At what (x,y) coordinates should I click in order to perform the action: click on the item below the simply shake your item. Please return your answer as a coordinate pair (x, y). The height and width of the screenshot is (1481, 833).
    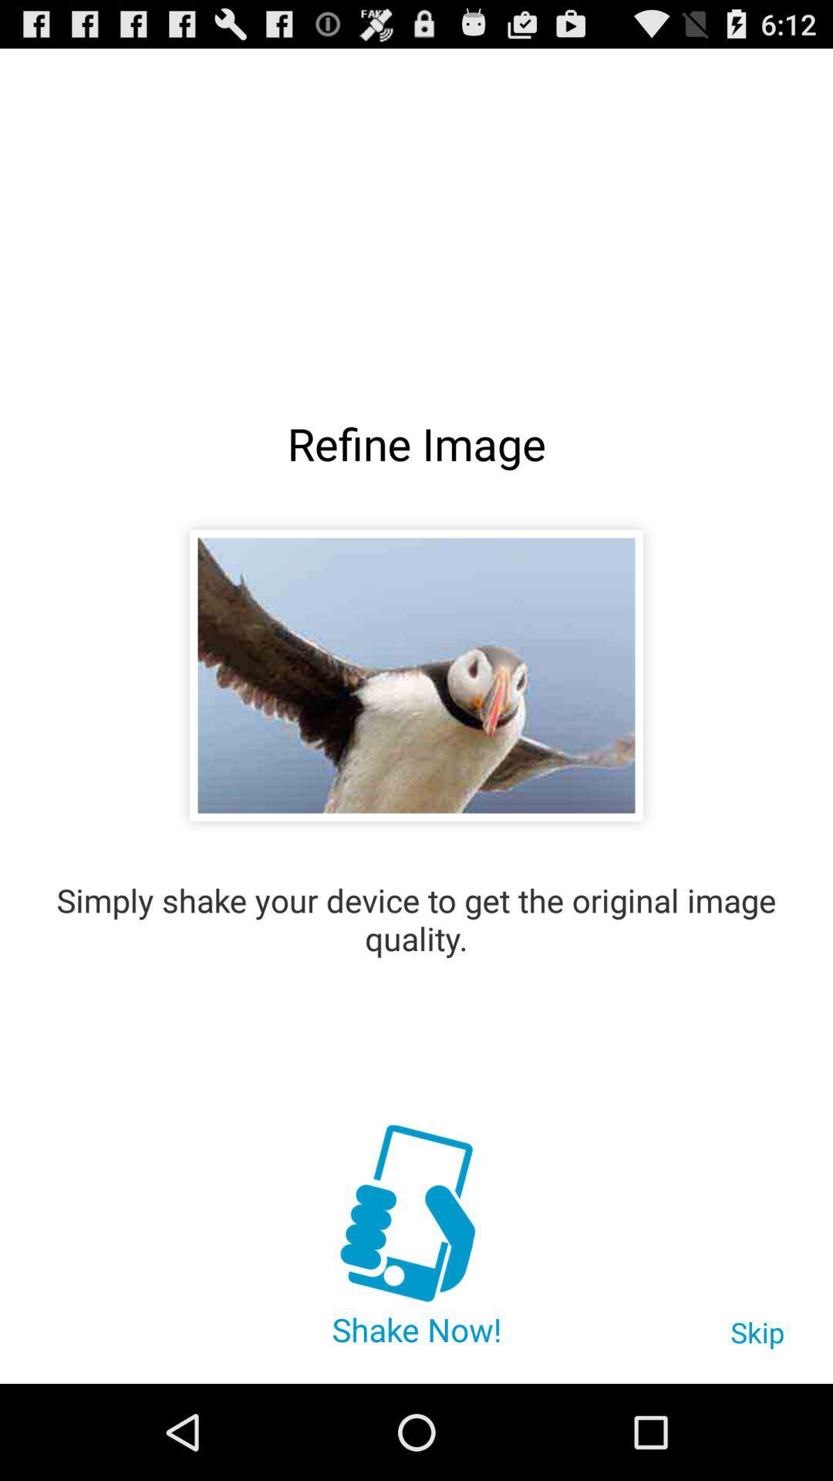
    Looking at the image, I should click on (757, 1339).